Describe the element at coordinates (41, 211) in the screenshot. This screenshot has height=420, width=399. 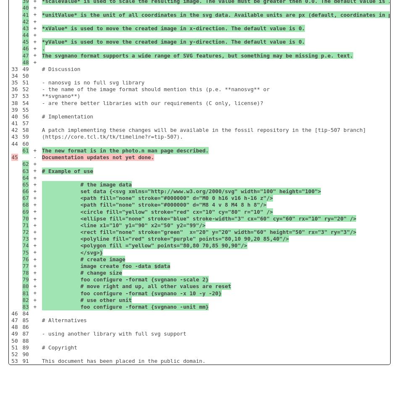
I see `'<circle fill="yellow" stroke="red" cx="10" cy="80" r="10" />'` at that location.